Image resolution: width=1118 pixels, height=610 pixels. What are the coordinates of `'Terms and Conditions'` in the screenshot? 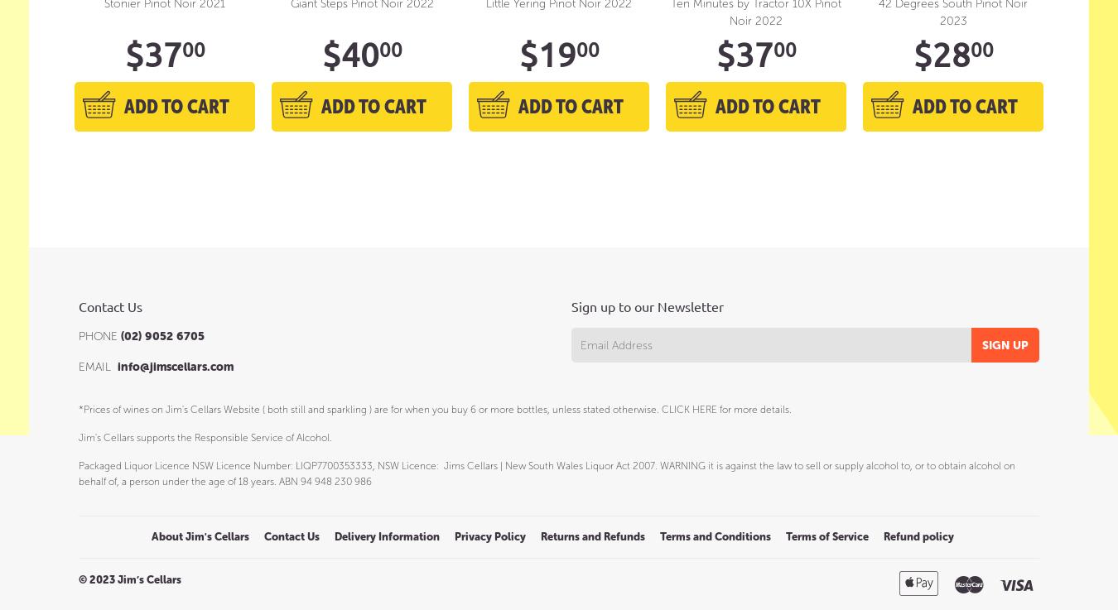 It's located at (716, 536).